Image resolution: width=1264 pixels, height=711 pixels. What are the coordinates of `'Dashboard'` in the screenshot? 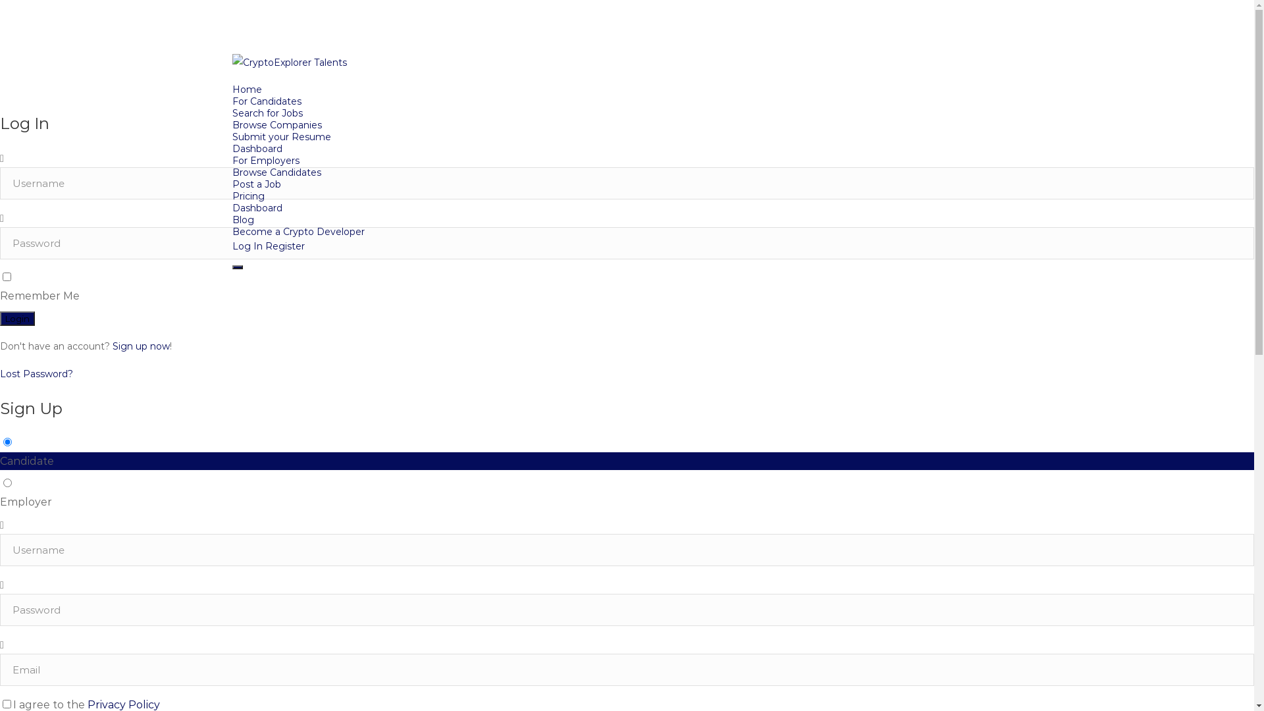 It's located at (256, 207).